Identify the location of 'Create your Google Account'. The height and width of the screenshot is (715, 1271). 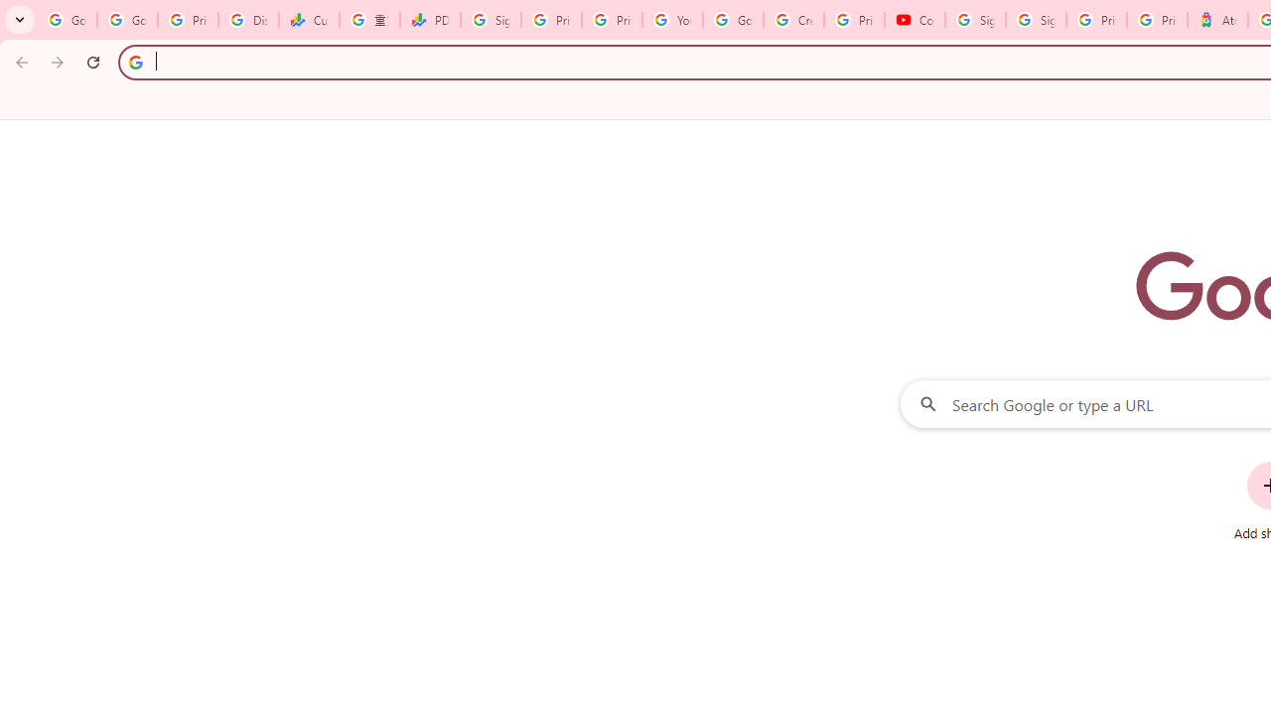
(792, 20).